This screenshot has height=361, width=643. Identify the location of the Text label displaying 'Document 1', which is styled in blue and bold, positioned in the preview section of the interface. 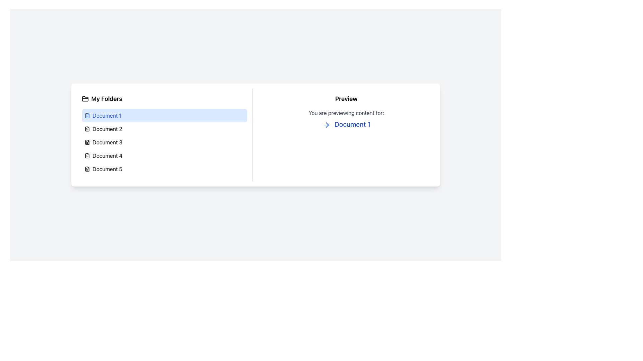
(346, 124).